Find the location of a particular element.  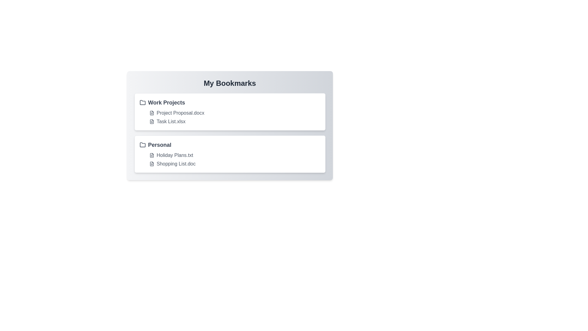

the document icon component, which is represented by a rectangular outline and is located to the left of the text label 'Holiday Plans.txt' in the 'Personal' section of bookmarks is located at coordinates (152, 155).